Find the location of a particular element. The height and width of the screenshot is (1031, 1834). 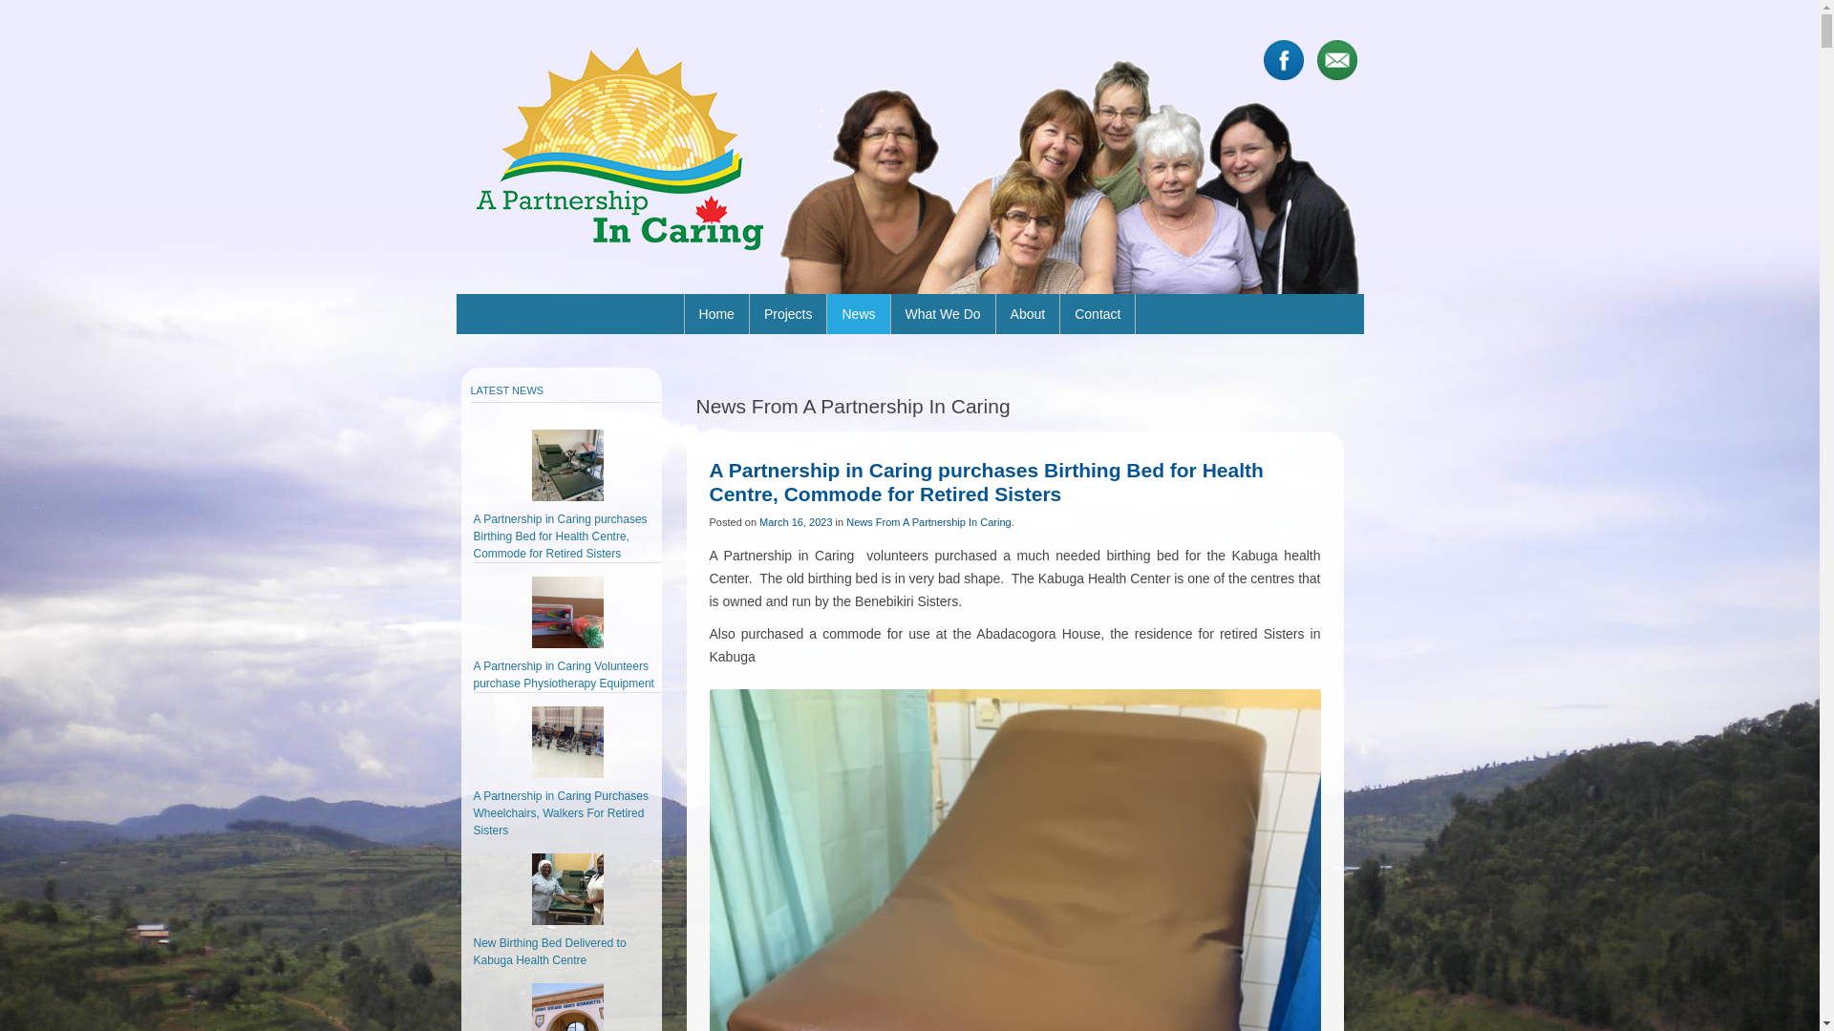

'News' is located at coordinates (857, 312).